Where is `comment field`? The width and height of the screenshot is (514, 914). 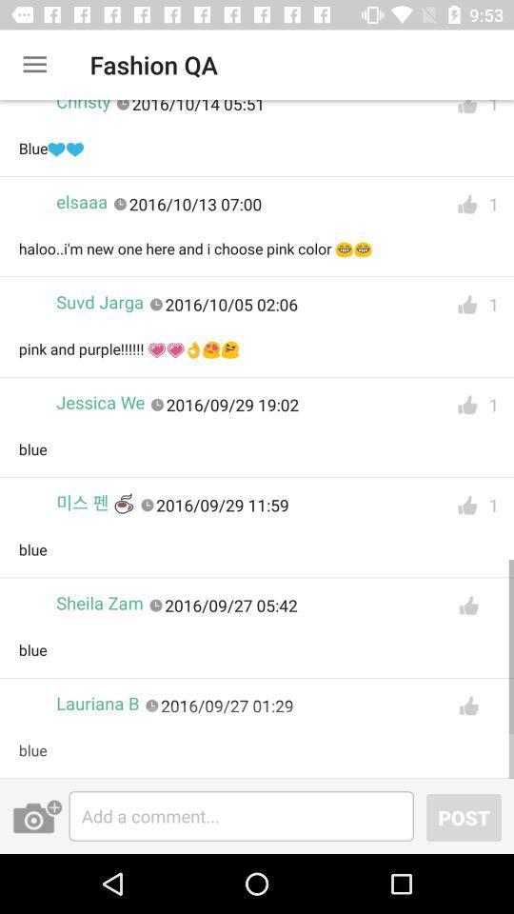
comment field is located at coordinates (241, 815).